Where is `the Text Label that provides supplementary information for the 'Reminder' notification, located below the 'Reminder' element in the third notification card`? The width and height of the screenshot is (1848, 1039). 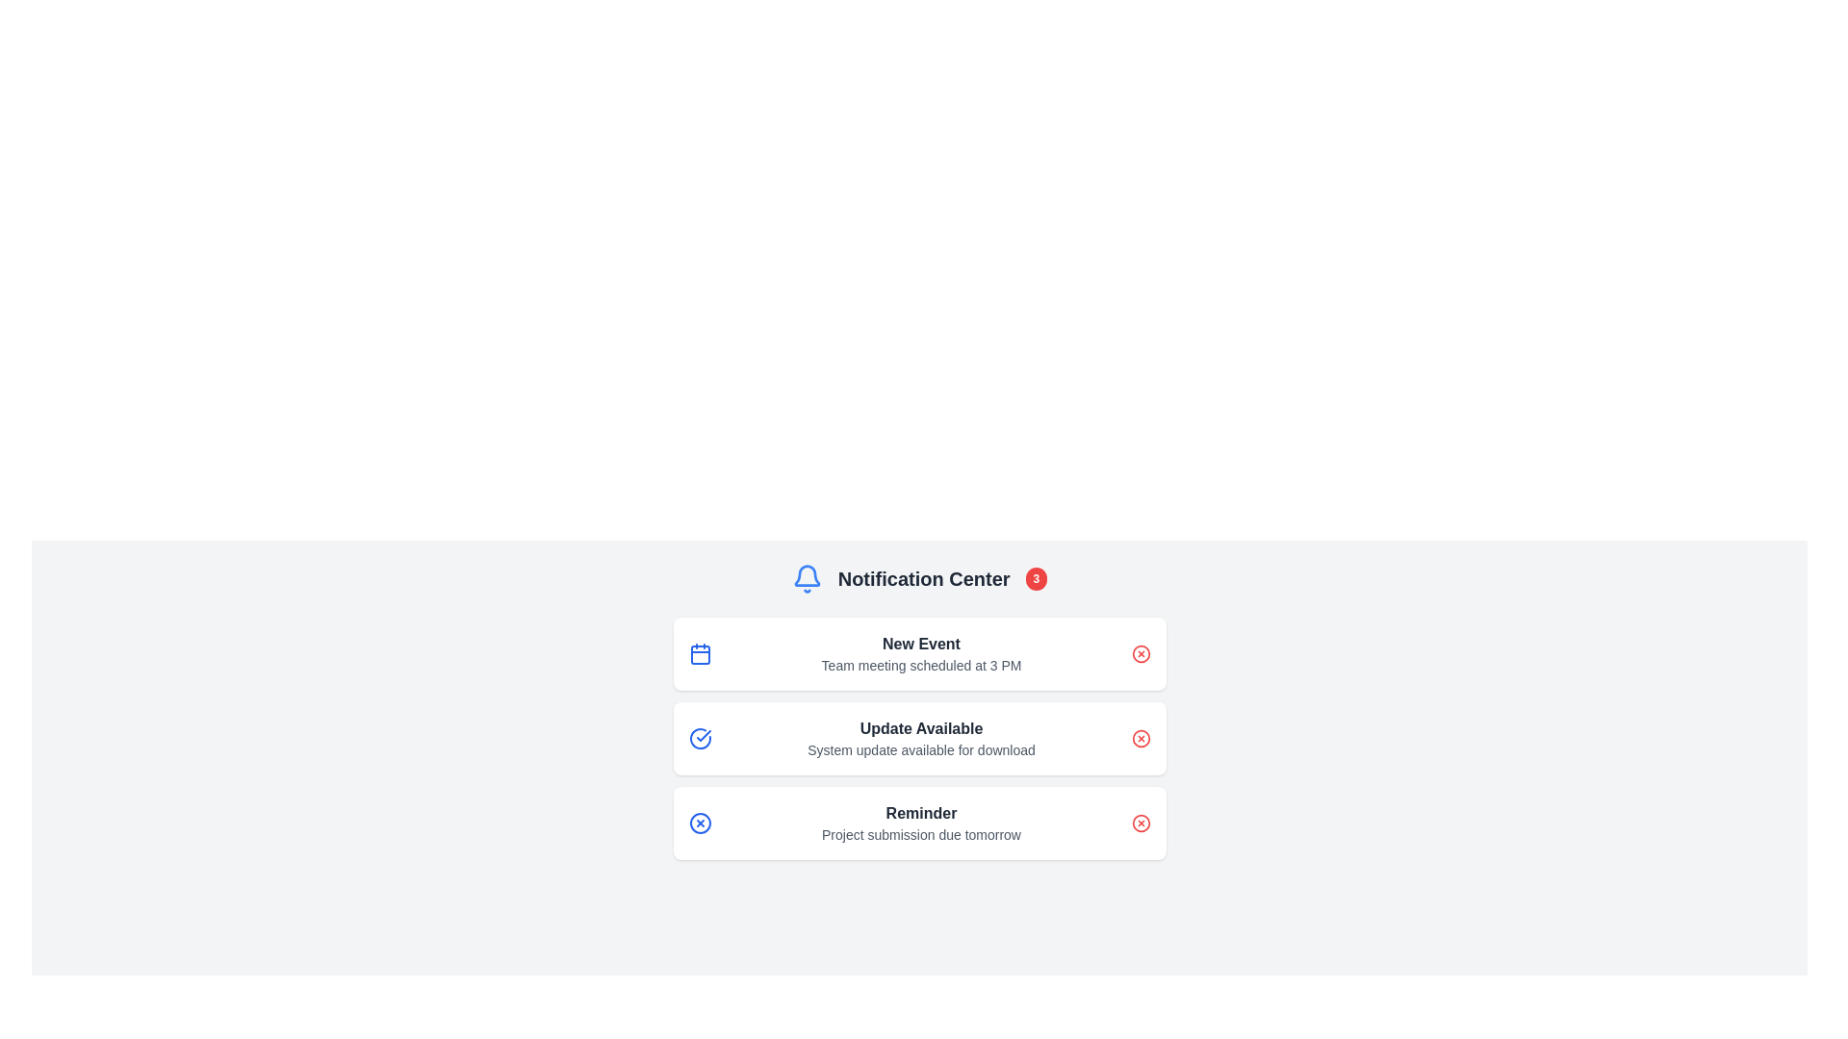 the Text Label that provides supplementary information for the 'Reminder' notification, located below the 'Reminder' element in the third notification card is located at coordinates (920, 833).